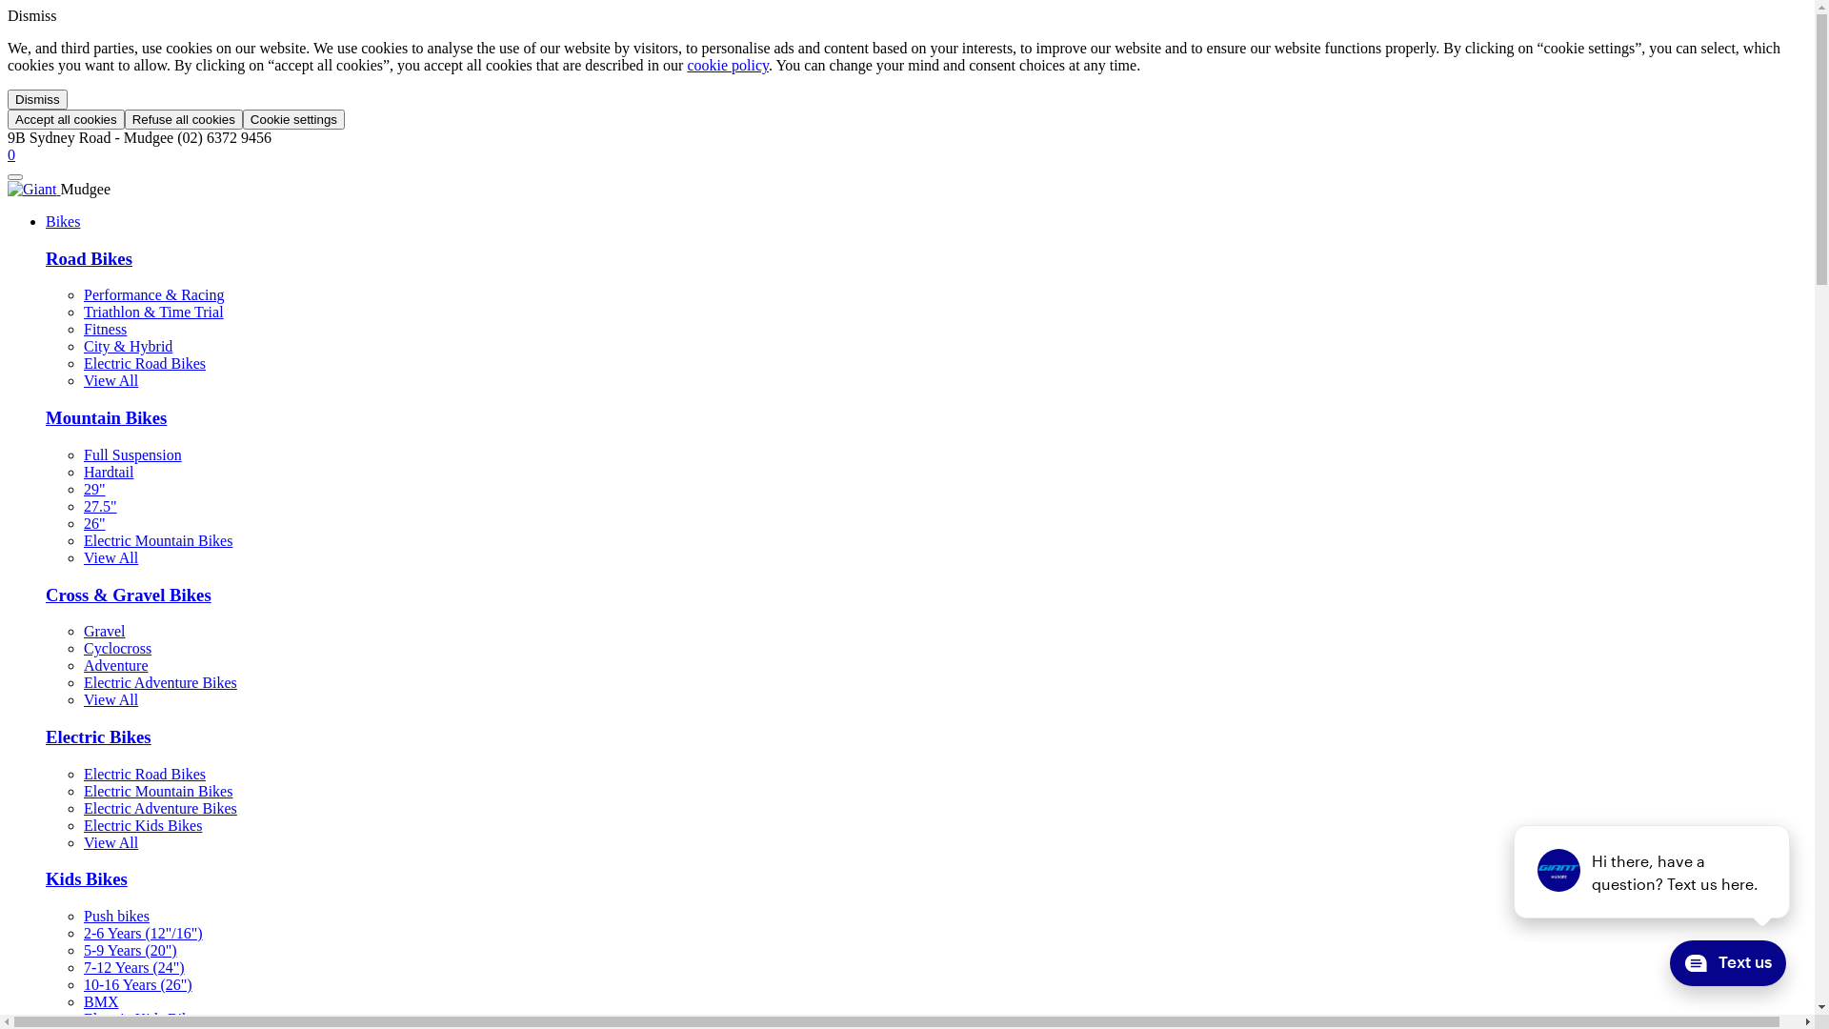 The width and height of the screenshot is (1829, 1029). I want to click on '10-16 Years (26")', so click(136, 984).